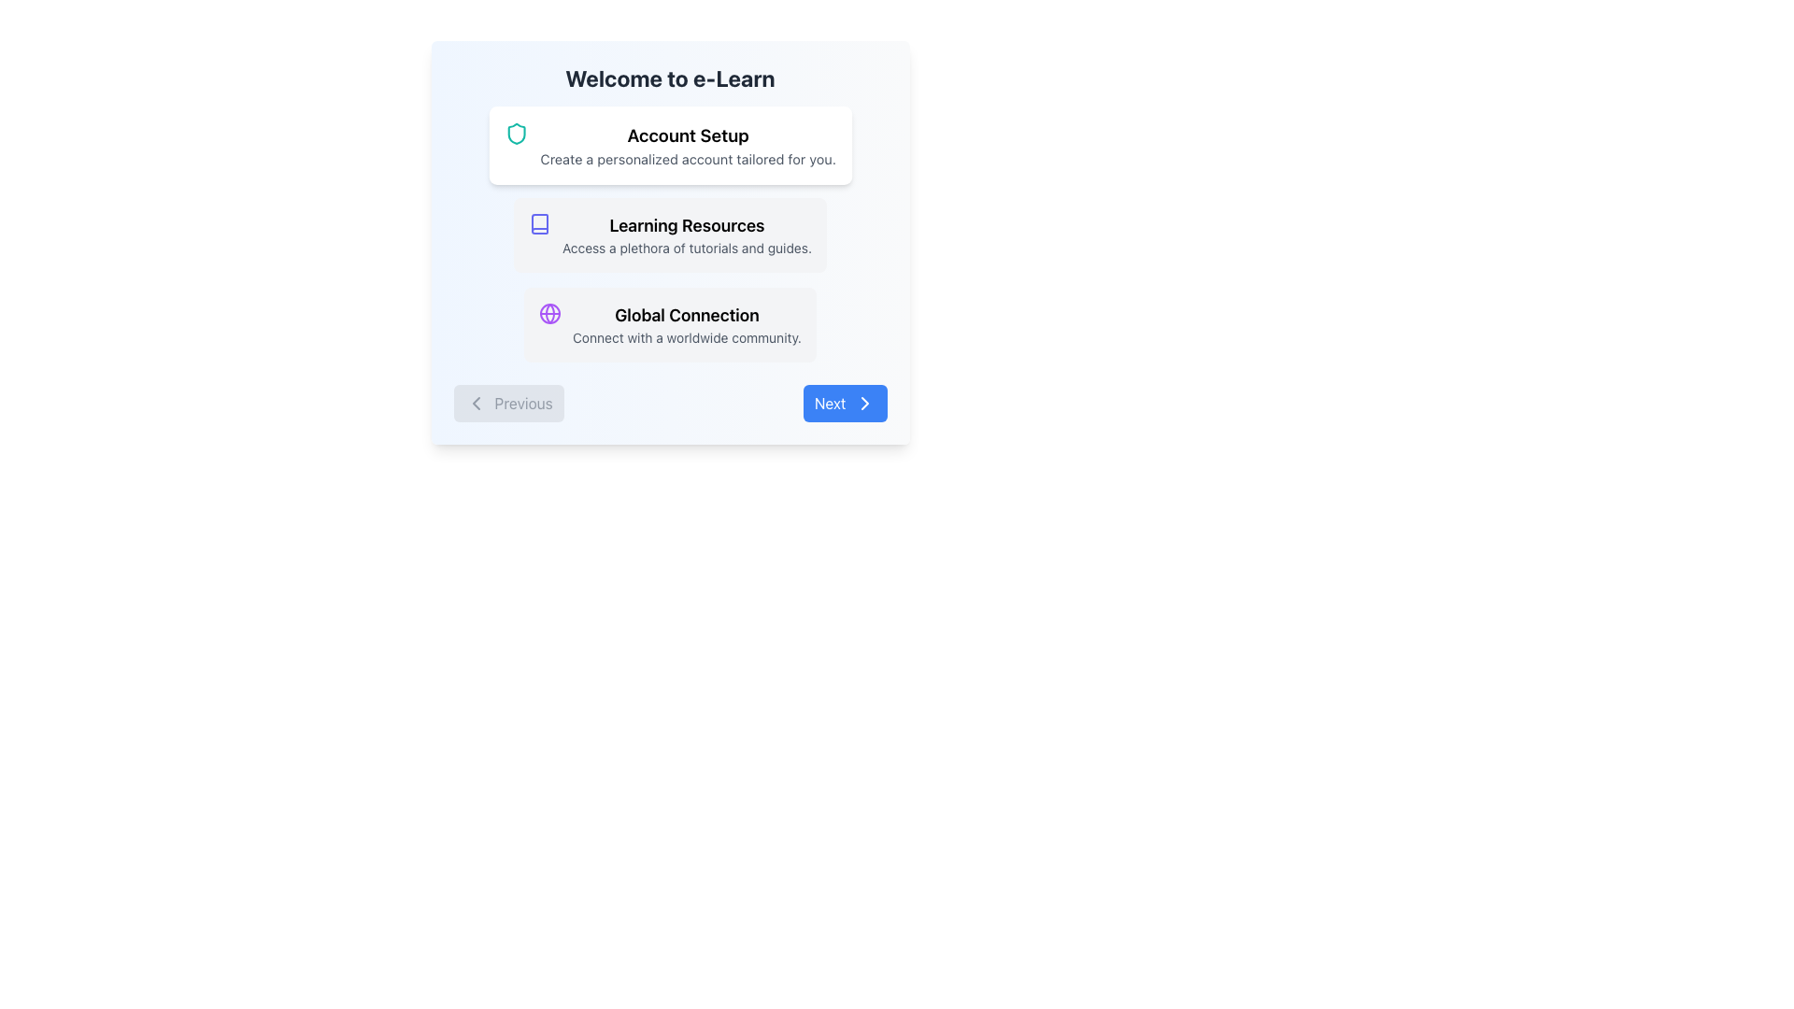  I want to click on the central curved line of the purple globe icon associated with 'Global Connection' located to the left of the menu entry, so click(549, 312).